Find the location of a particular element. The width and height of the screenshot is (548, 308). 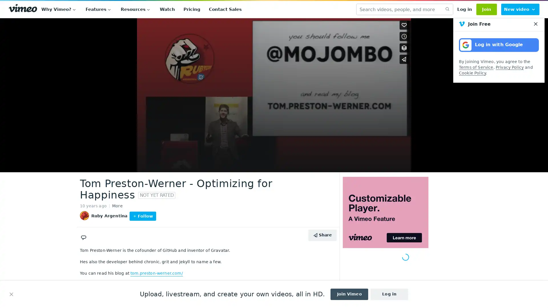

Features is located at coordinates (99, 9).